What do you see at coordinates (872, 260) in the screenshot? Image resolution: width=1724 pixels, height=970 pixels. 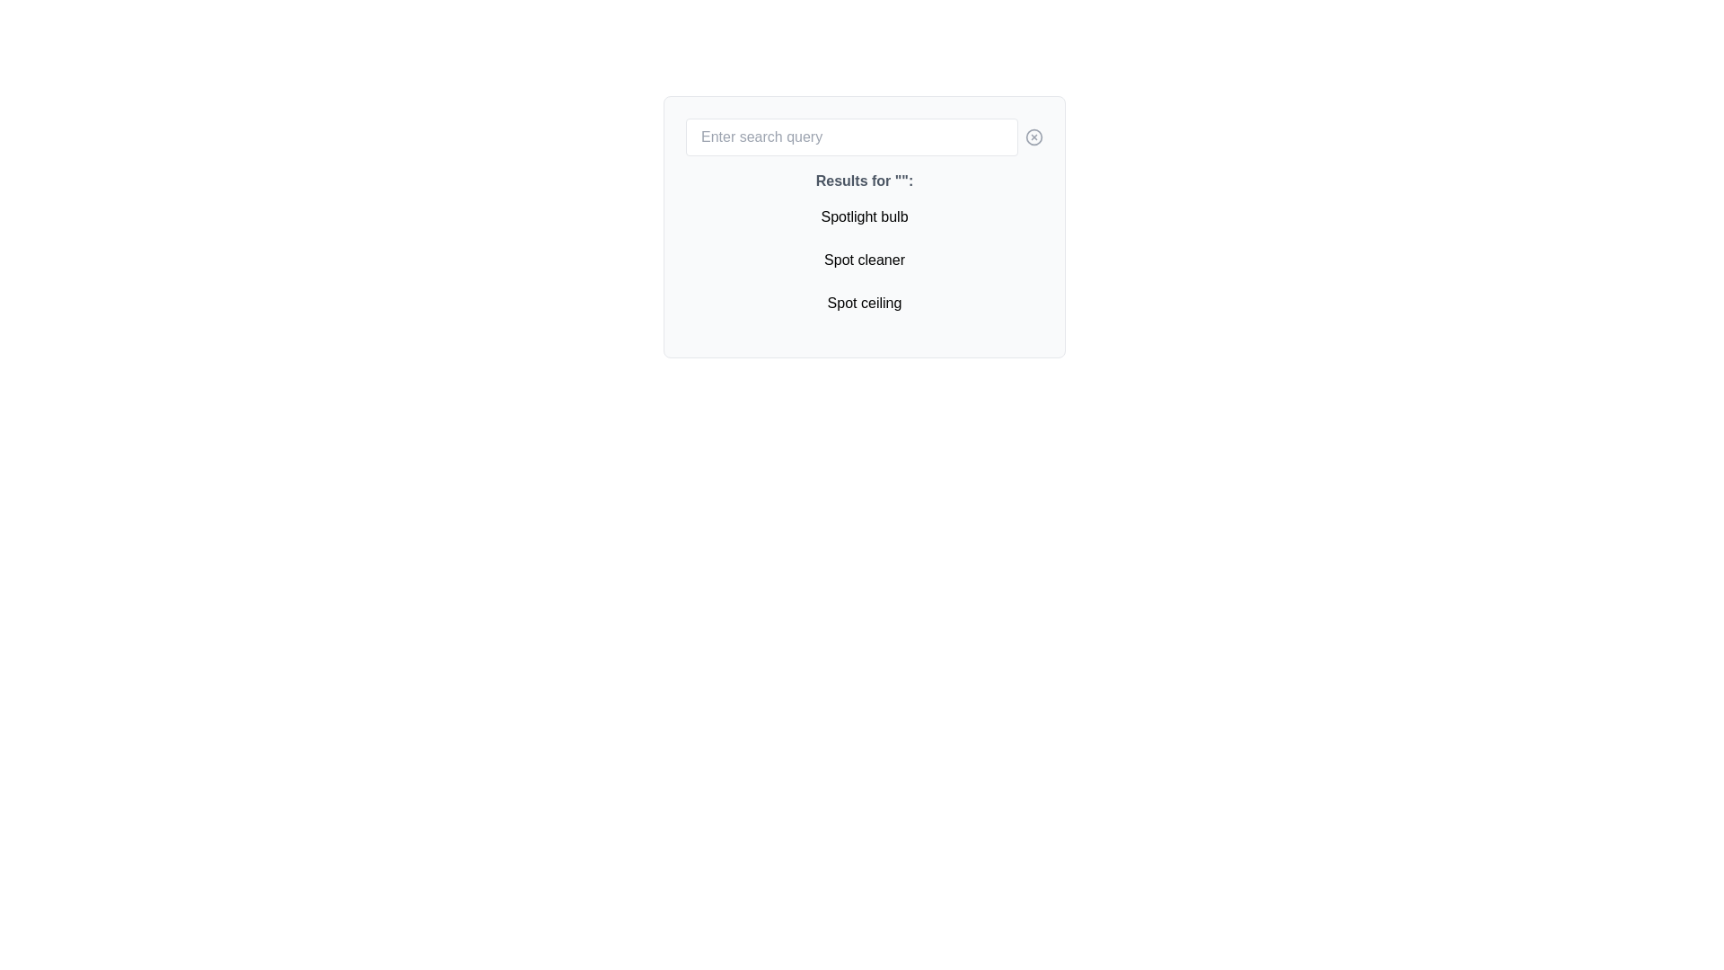 I see `the lowercase letter 'e' in the word 'cleaner', which is displayed in black sans-serif font and is the last letter of the word under the search query results section` at bounding box center [872, 260].